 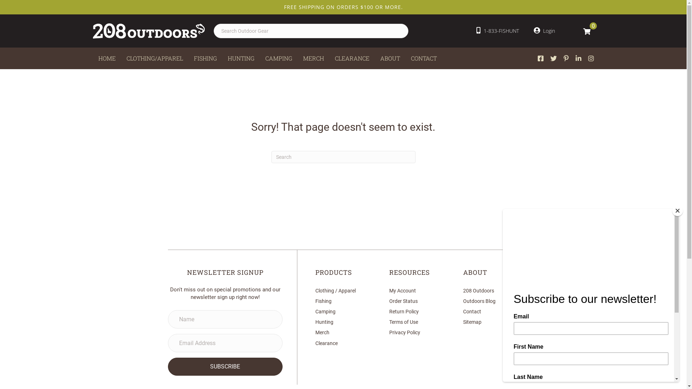 What do you see at coordinates (390, 58) in the screenshot?
I see `'ABOUT'` at bounding box center [390, 58].